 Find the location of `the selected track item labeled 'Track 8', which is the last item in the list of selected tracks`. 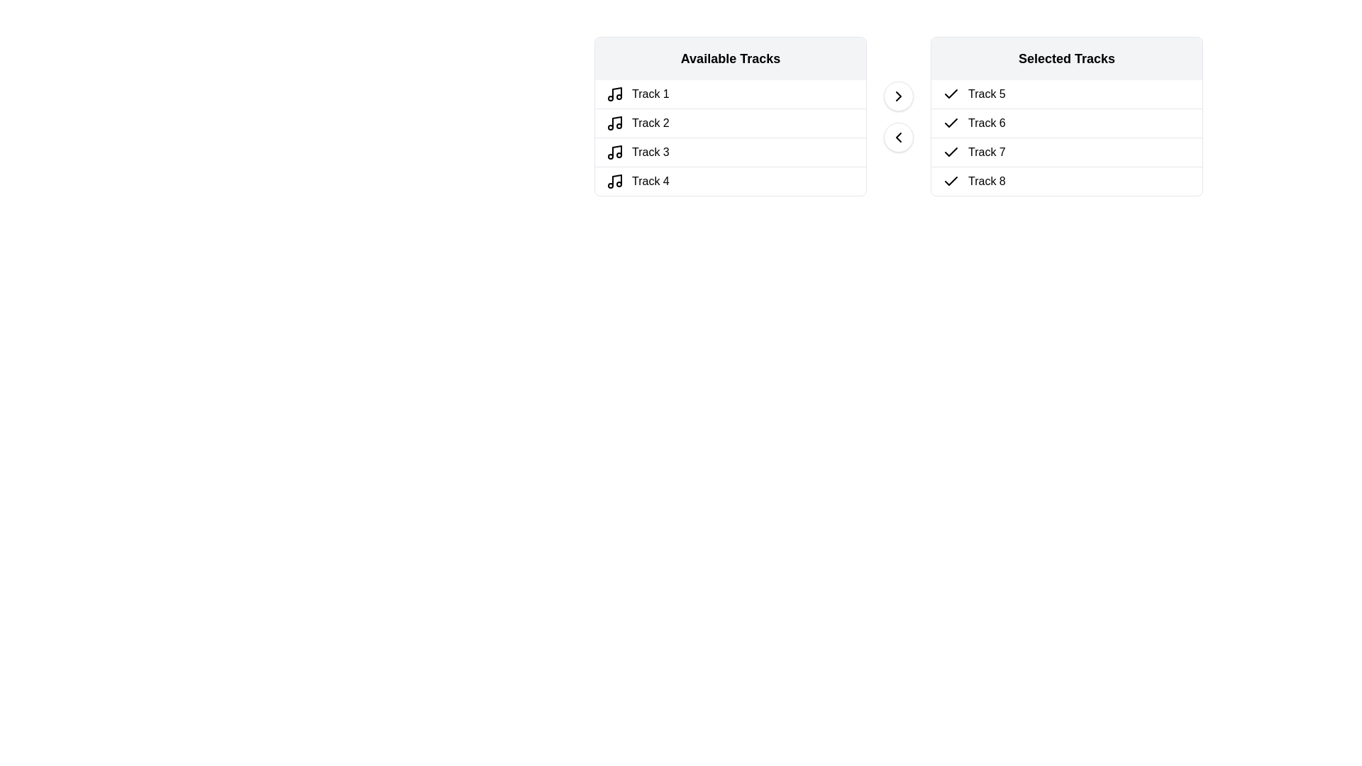

the selected track item labeled 'Track 8', which is the last item in the list of selected tracks is located at coordinates (1066, 179).